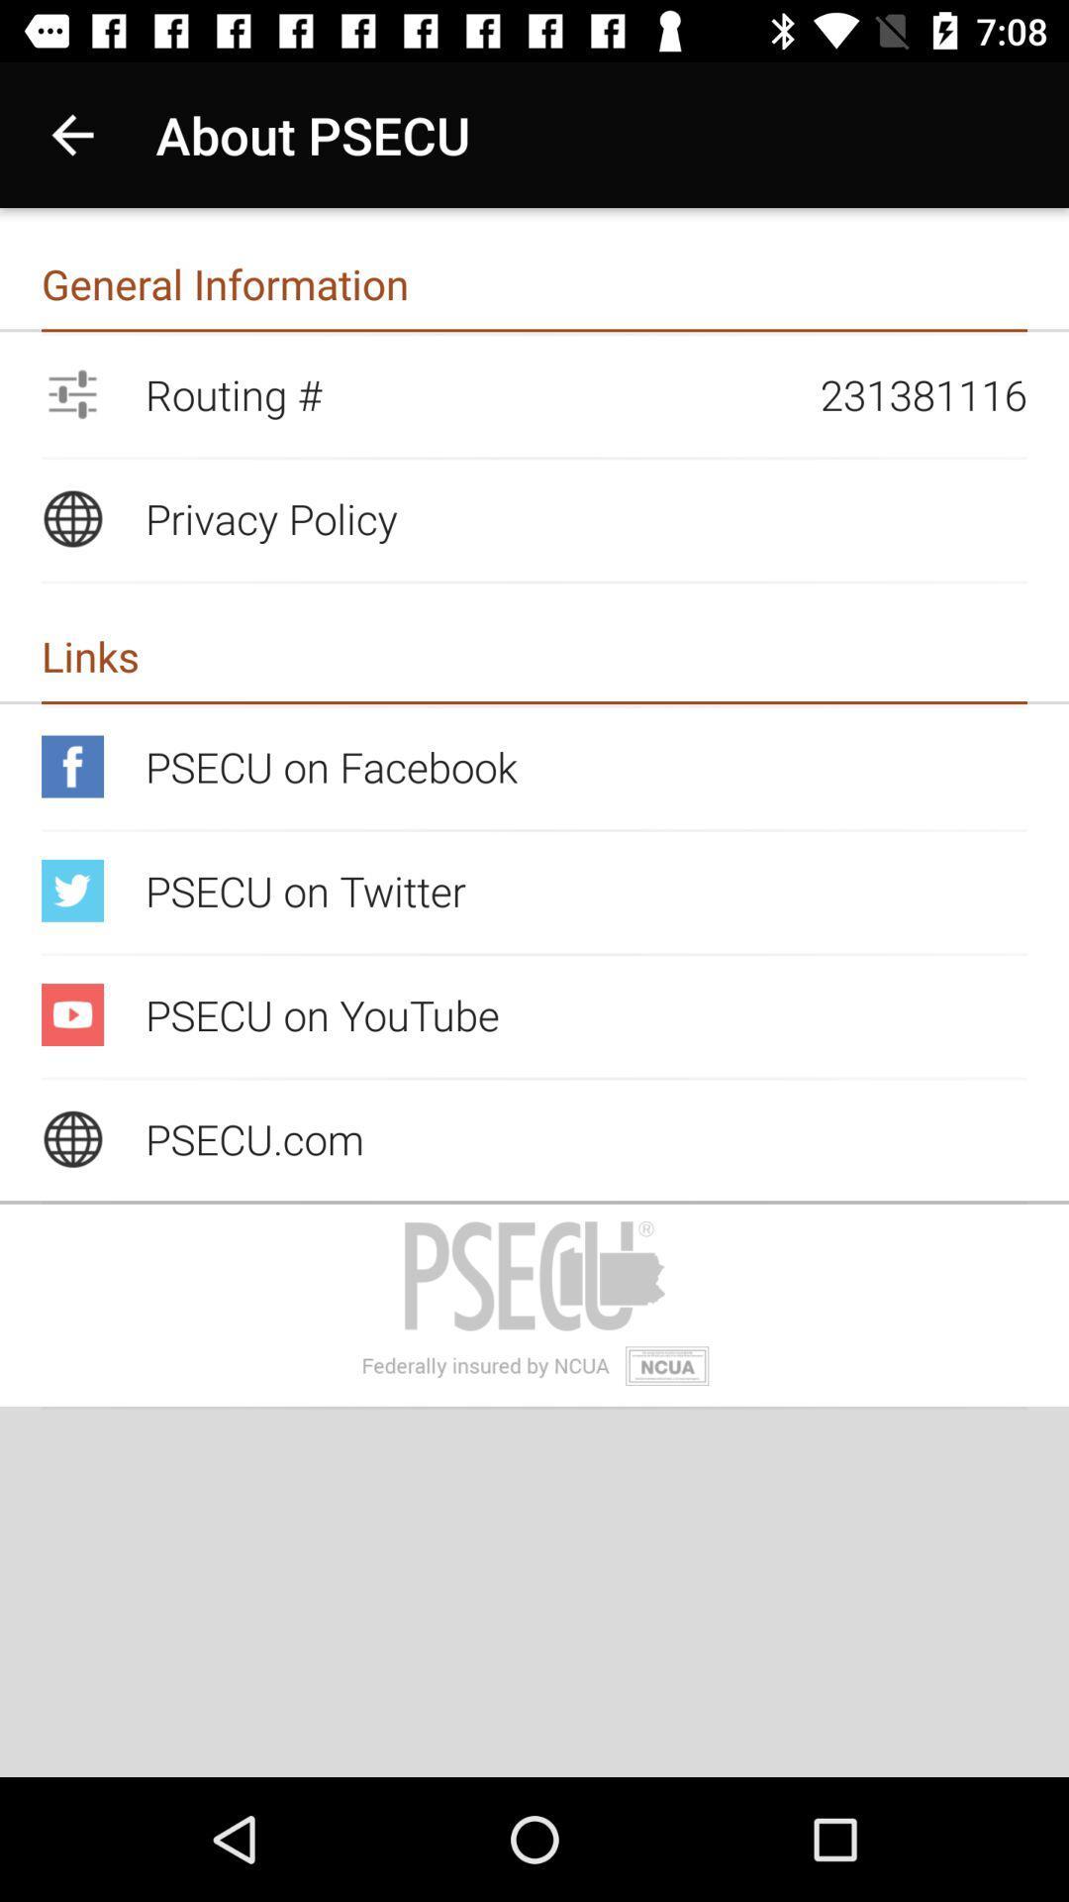 The width and height of the screenshot is (1069, 1902). Describe the element at coordinates (71, 134) in the screenshot. I see `item next to about psecu item` at that location.